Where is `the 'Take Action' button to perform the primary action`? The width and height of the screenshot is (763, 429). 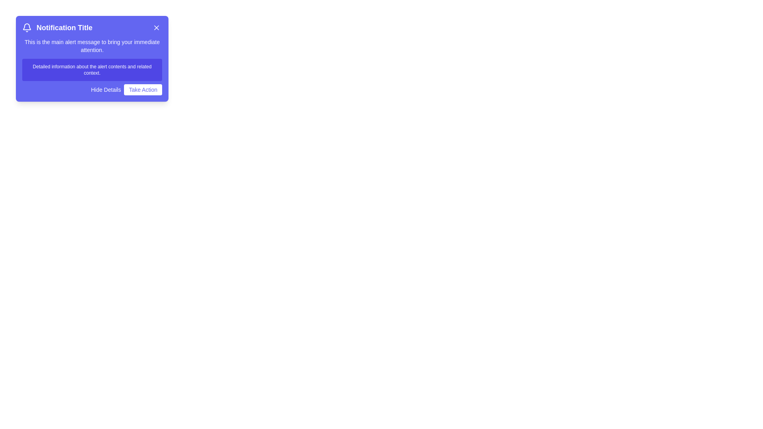
the 'Take Action' button to perform the primary action is located at coordinates (143, 89).